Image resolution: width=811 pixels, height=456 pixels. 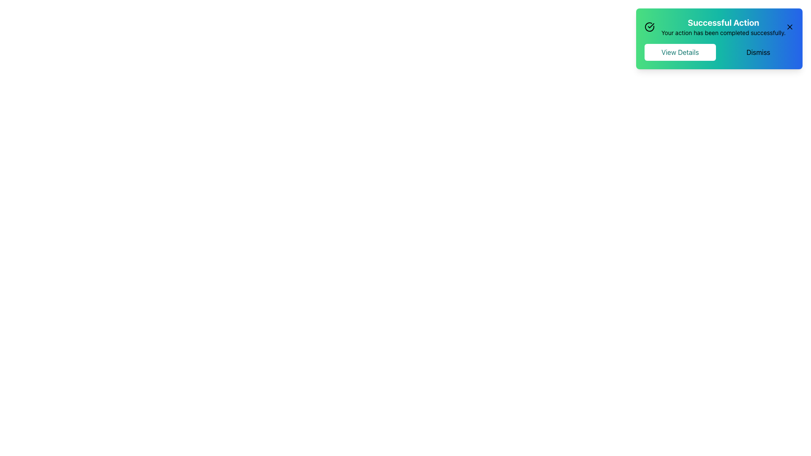 I want to click on the 'View Details' button located at the bottom of the notification box in the top-right corner of the interface, so click(x=718, y=52).